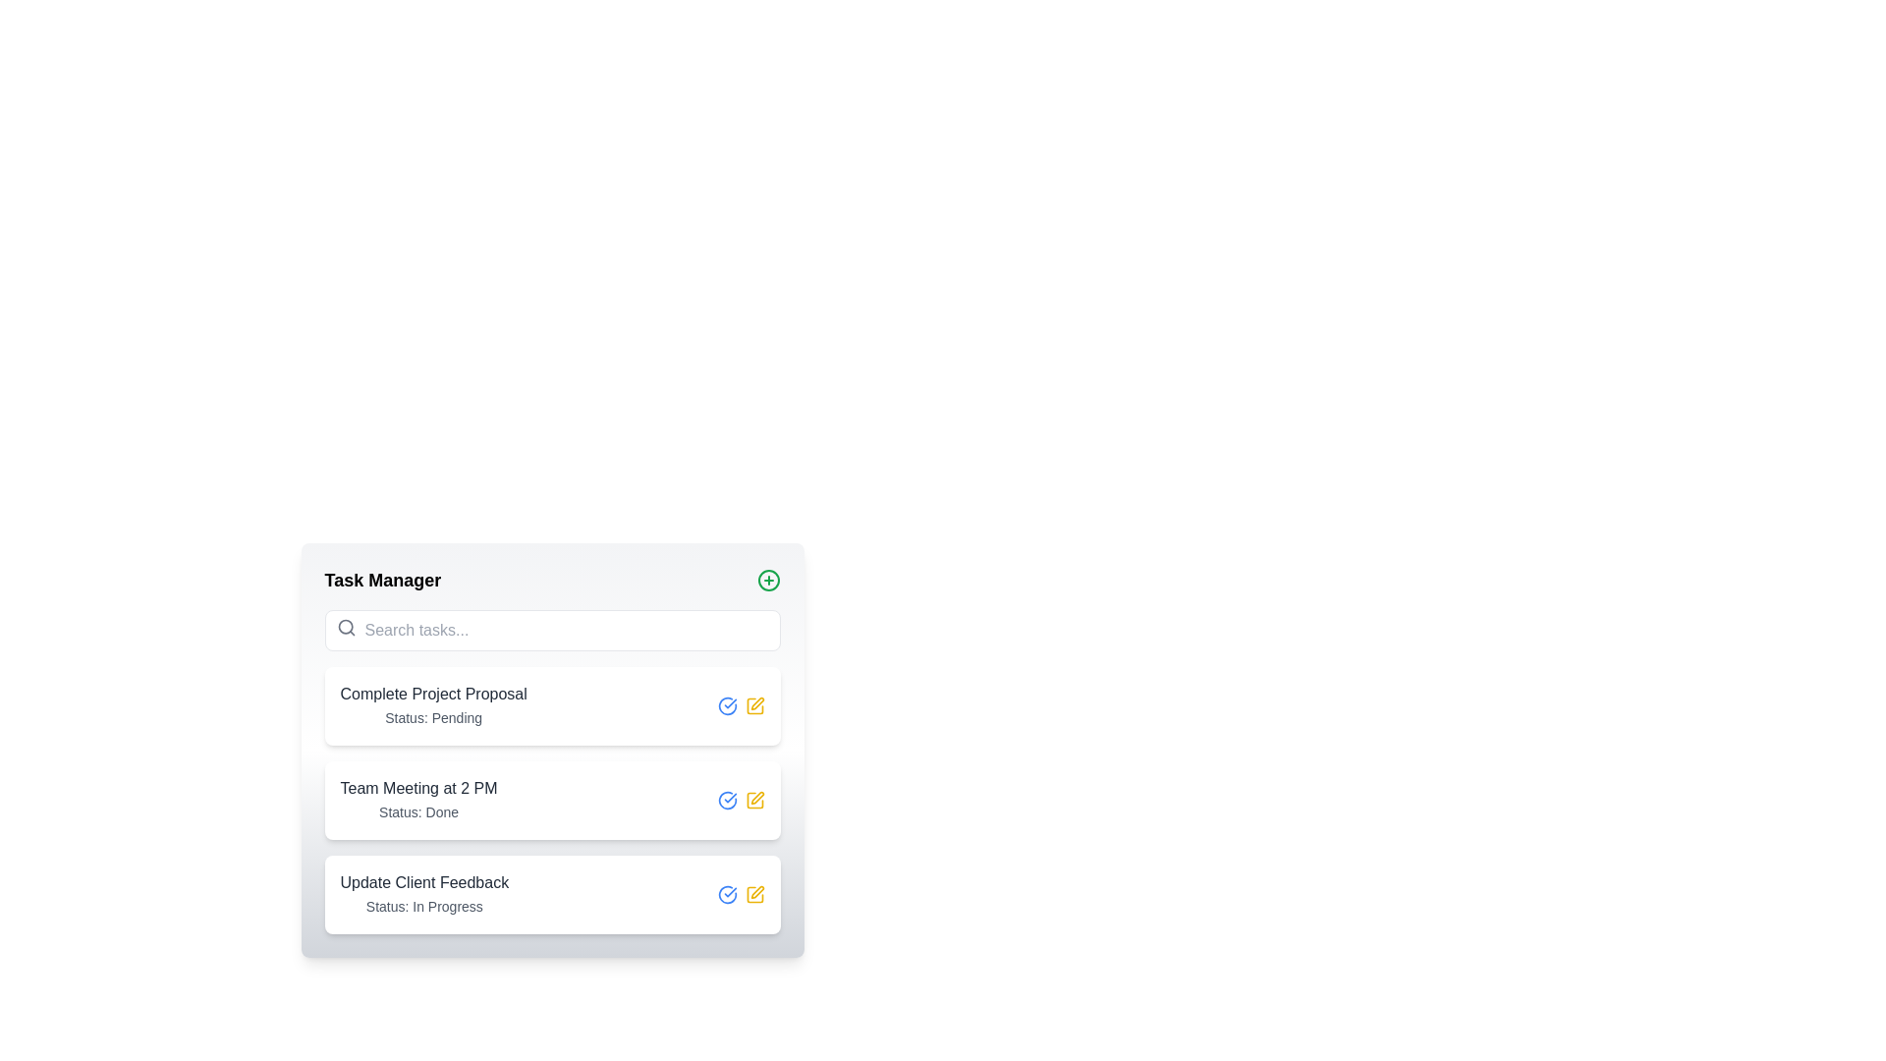 This screenshot has height=1061, width=1886. What do you see at coordinates (423, 906) in the screenshot?
I see `the task's status` at bounding box center [423, 906].